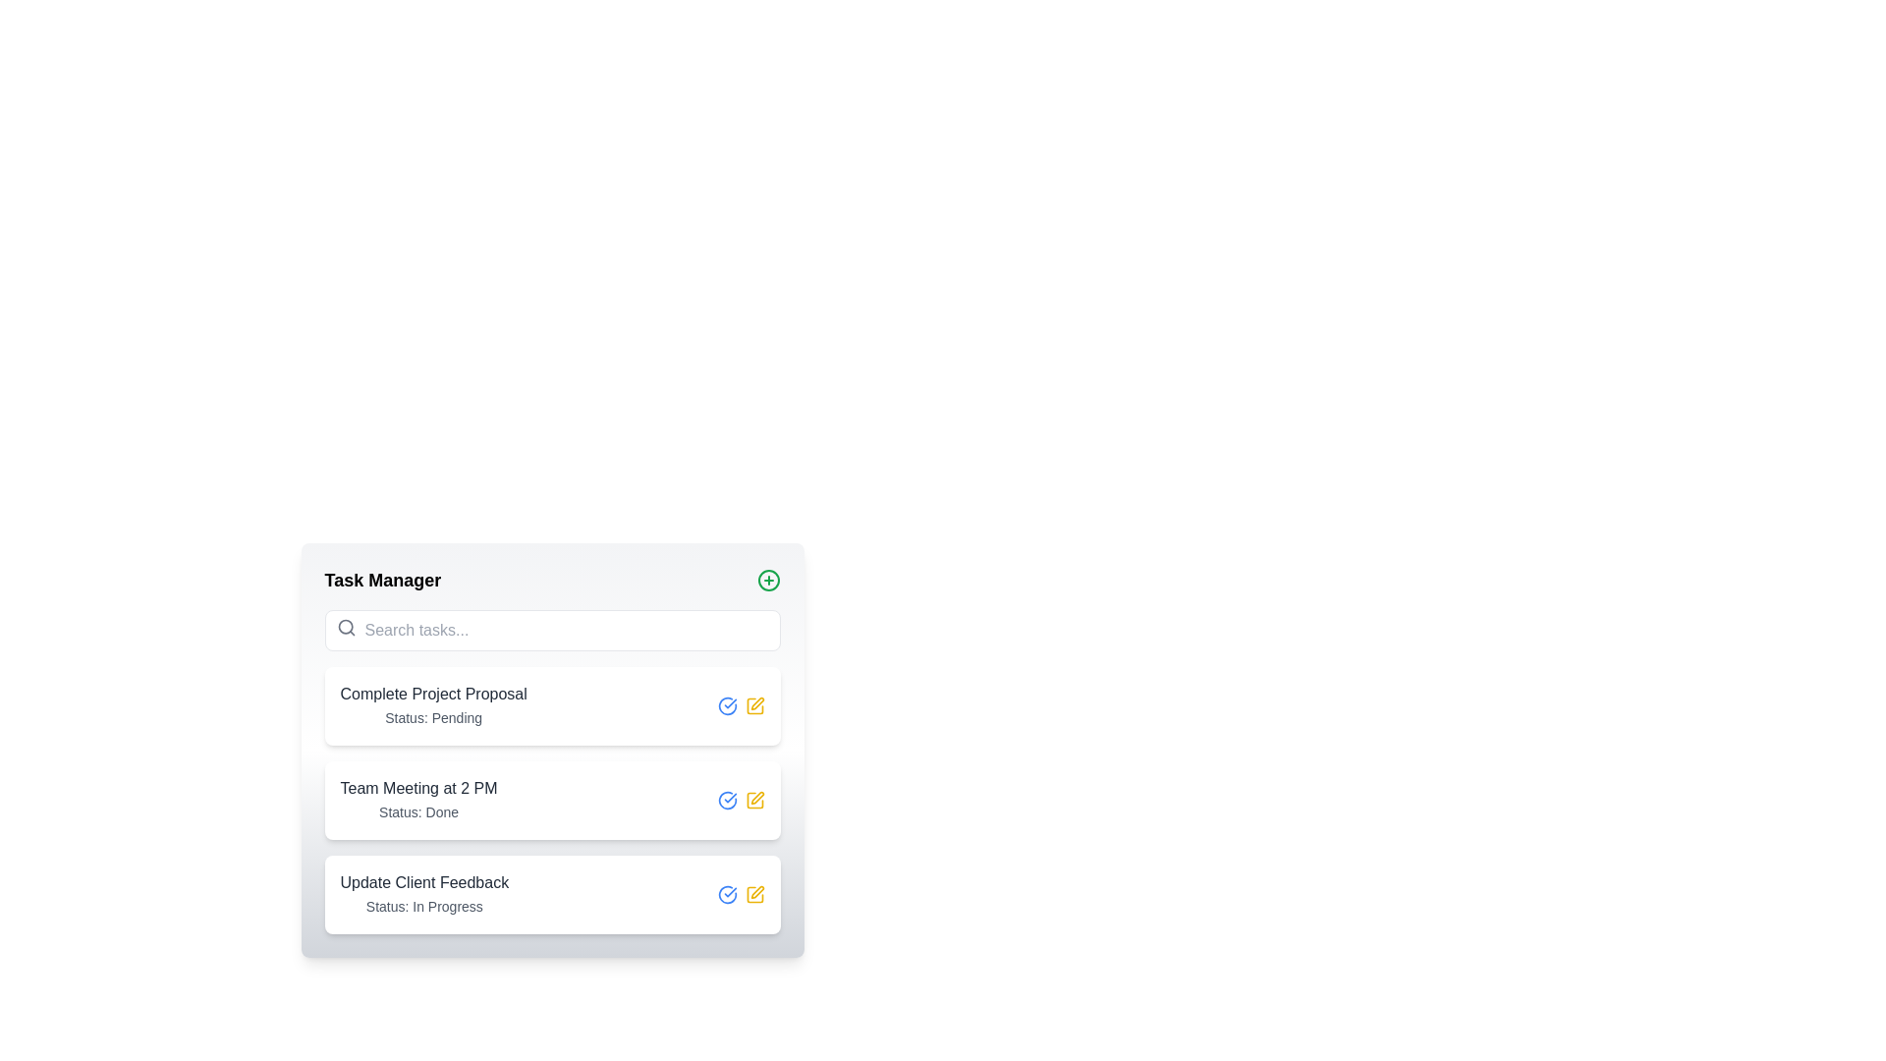 This screenshot has height=1061, width=1886. What do you see at coordinates (423, 906) in the screenshot?
I see `the task's status` at bounding box center [423, 906].